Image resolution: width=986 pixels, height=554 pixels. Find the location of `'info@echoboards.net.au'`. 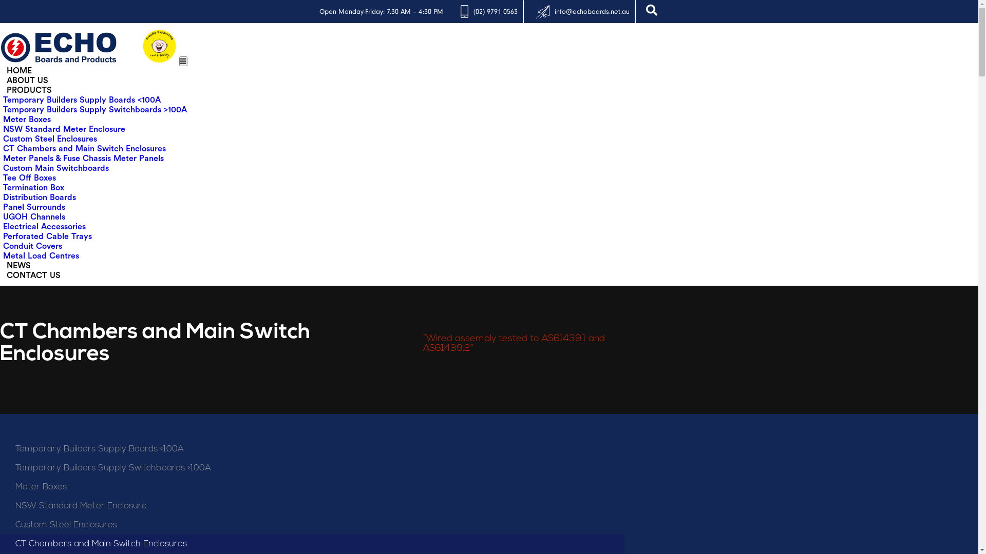

'info@echoboards.net.au' is located at coordinates (592, 11).